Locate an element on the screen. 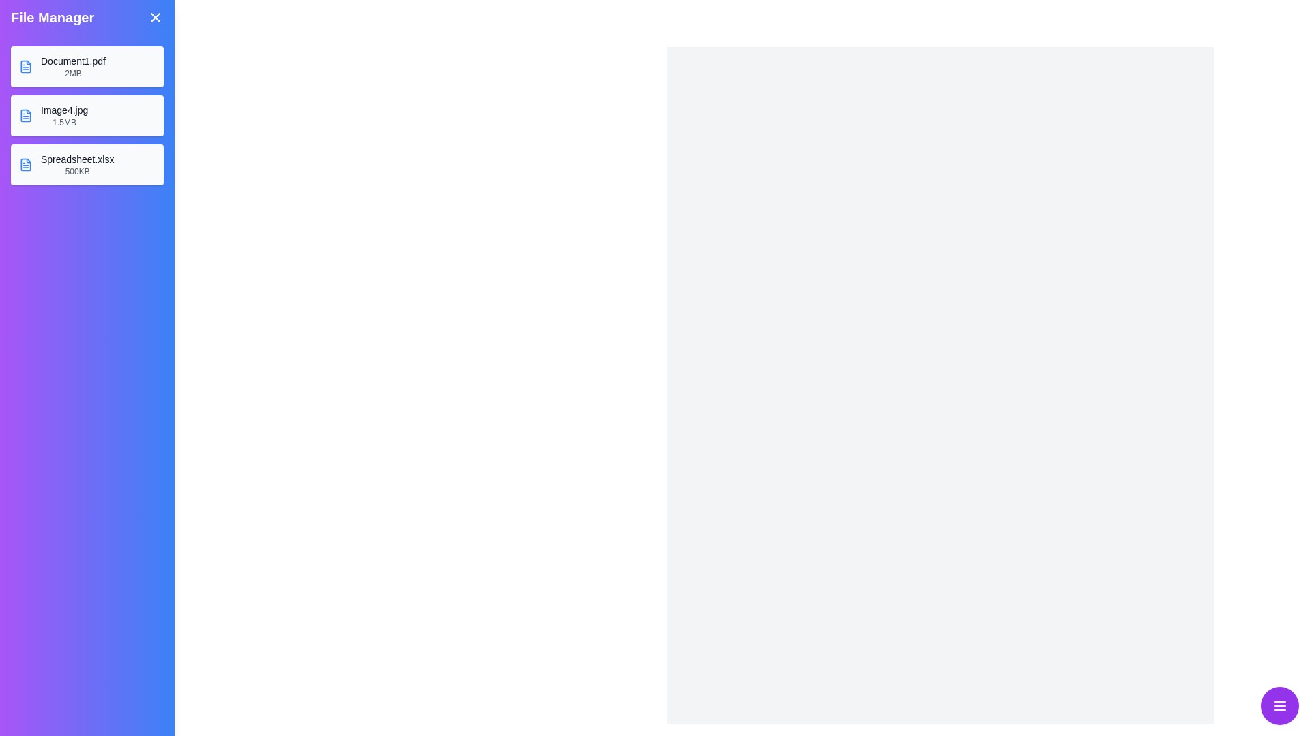 This screenshot has height=736, width=1310. the file entry labeled 'Spreadsheet.xlsx' is located at coordinates (87, 164).